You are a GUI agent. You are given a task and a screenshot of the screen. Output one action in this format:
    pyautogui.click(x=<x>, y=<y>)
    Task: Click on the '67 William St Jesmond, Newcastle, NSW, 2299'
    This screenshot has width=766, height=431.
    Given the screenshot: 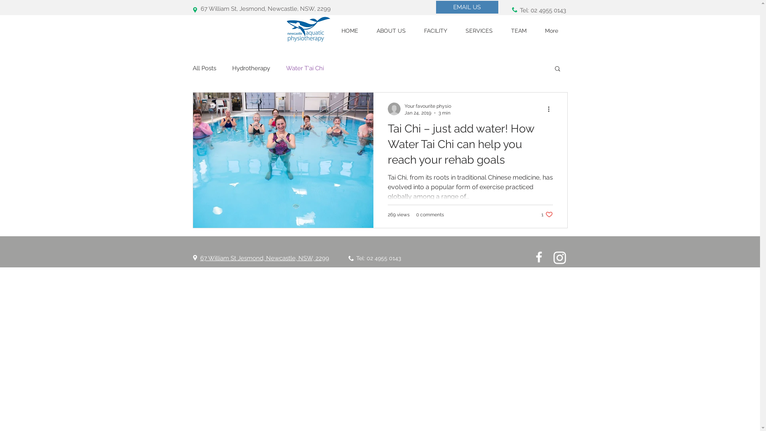 What is the action you would take?
    pyautogui.click(x=265, y=258)
    